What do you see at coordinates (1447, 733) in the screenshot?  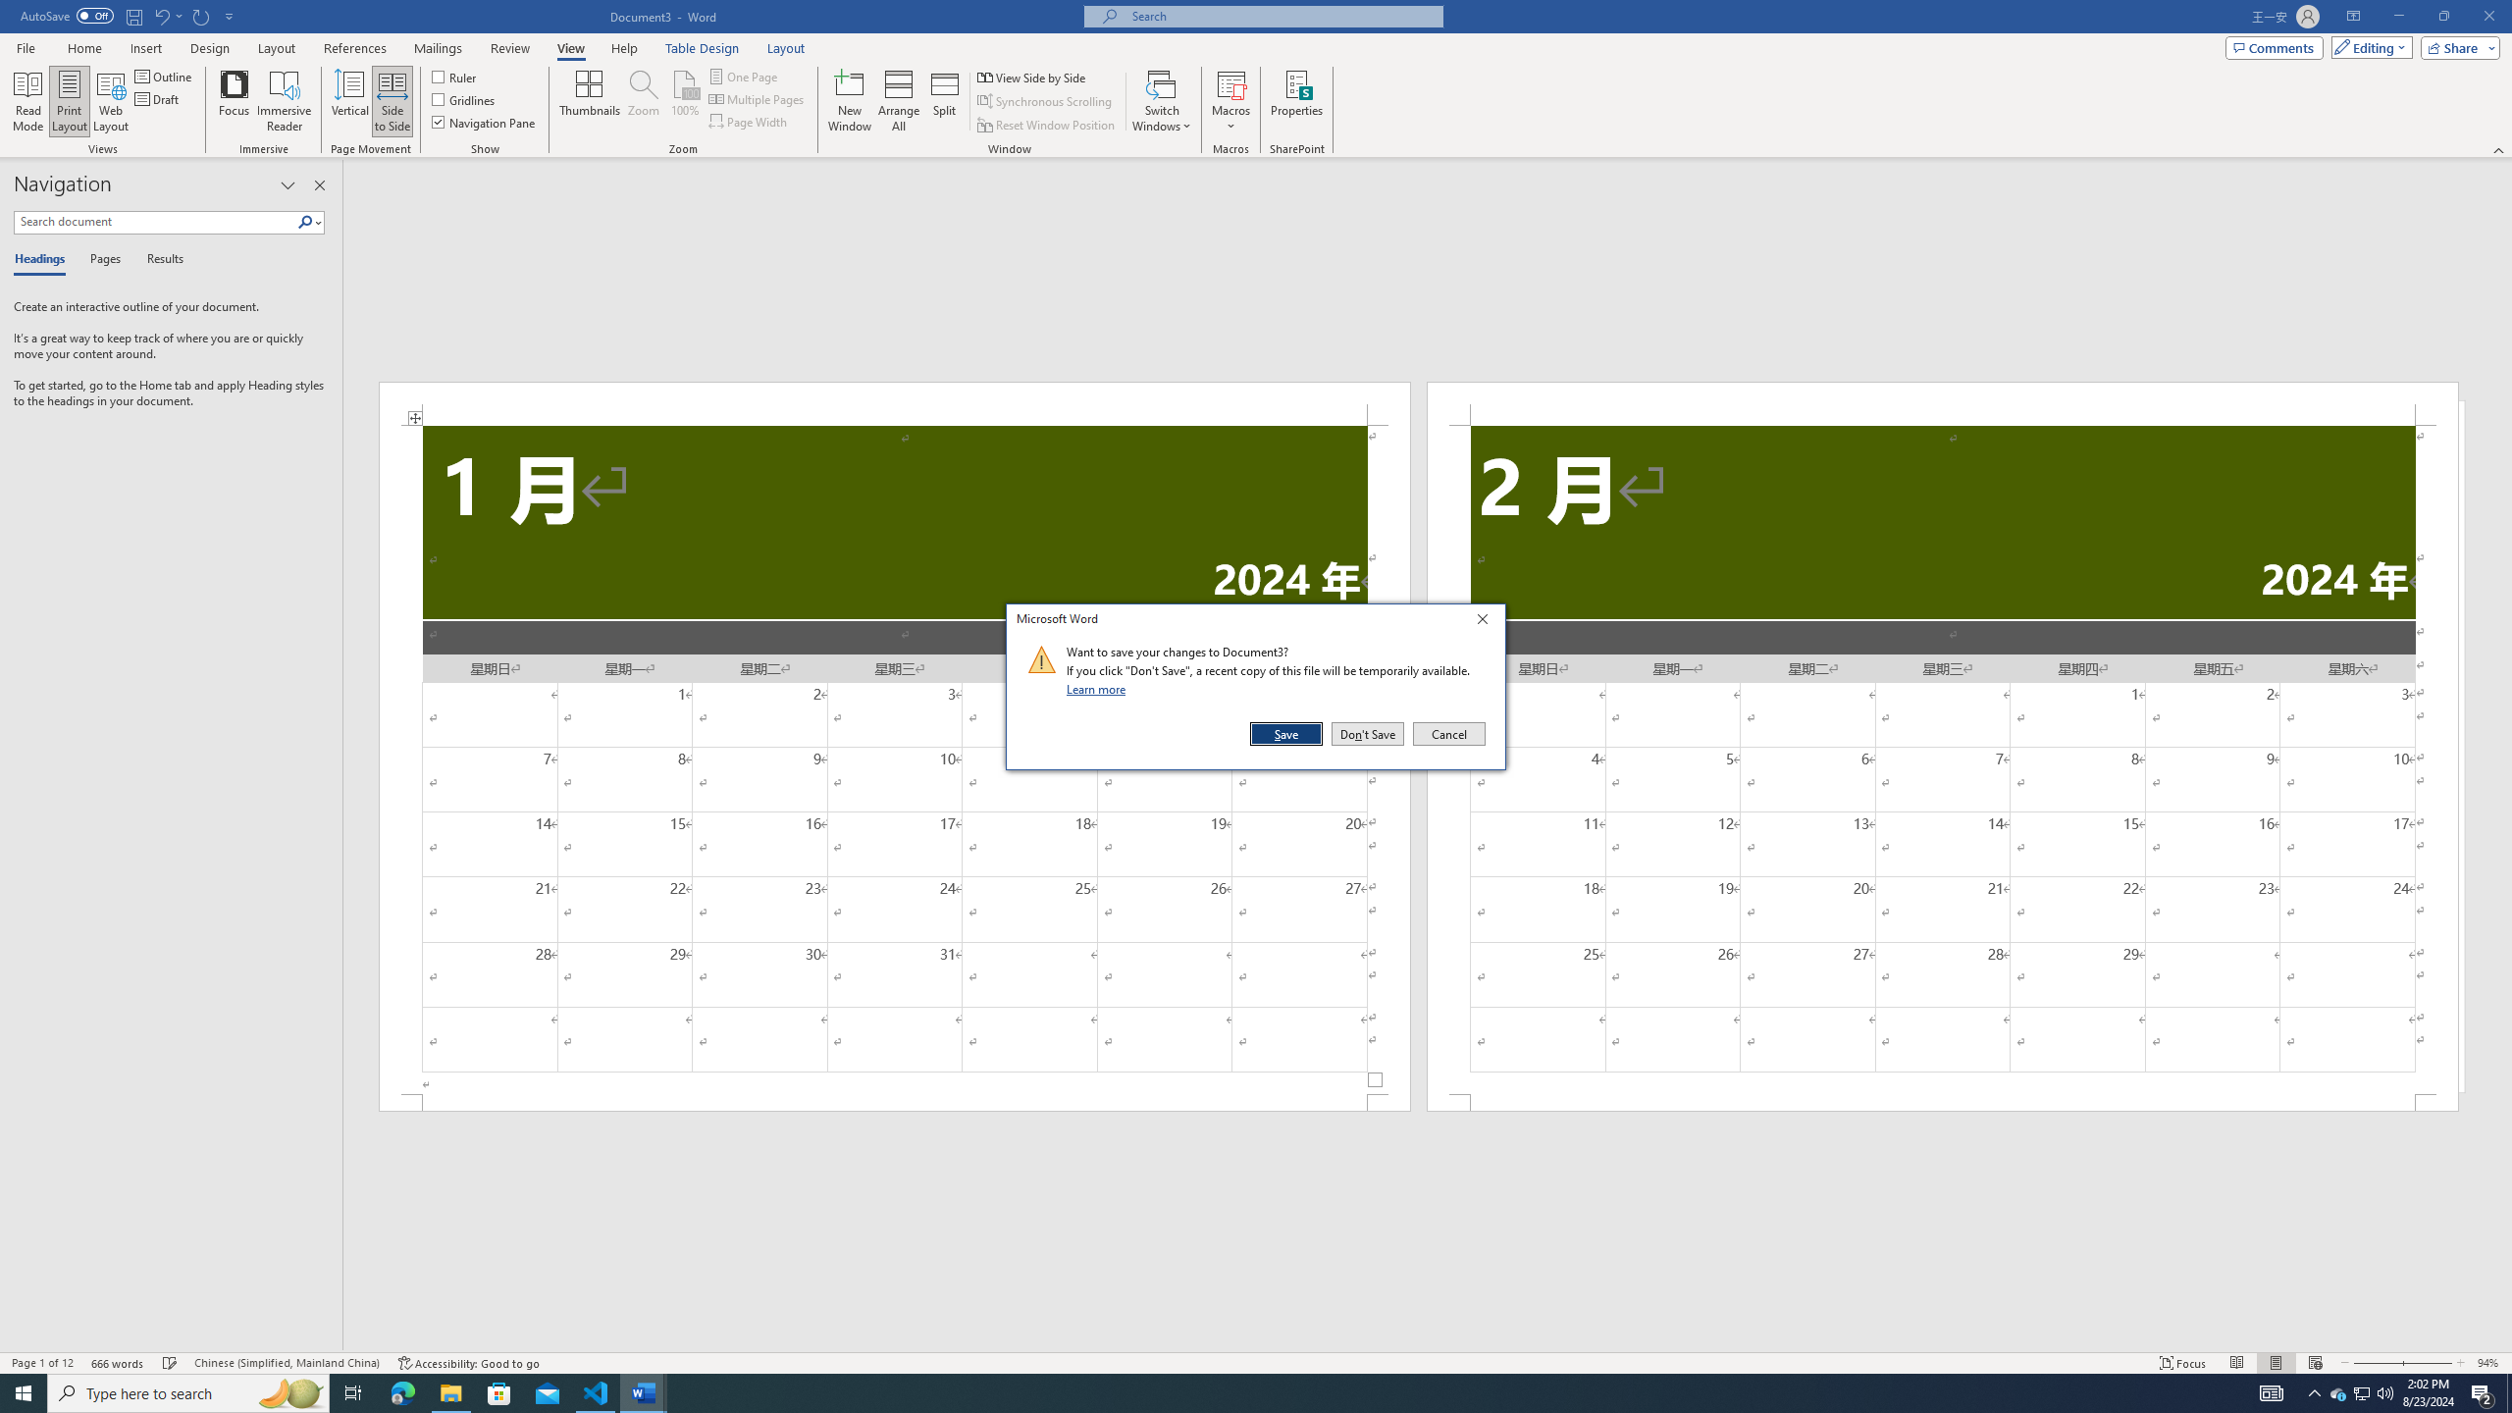 I see `'Cancel'` at bounding box center [1447, 733].